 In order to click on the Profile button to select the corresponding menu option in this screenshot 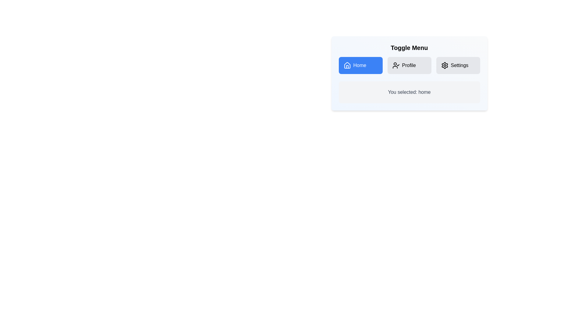, I will do `click(409, 65)`.